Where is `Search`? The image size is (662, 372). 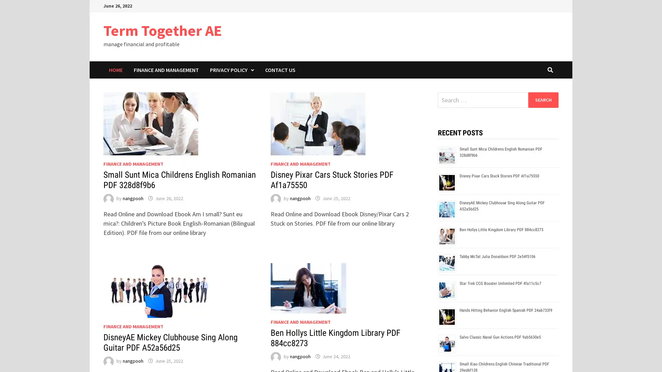 Search is located at coordinates (543, 100).